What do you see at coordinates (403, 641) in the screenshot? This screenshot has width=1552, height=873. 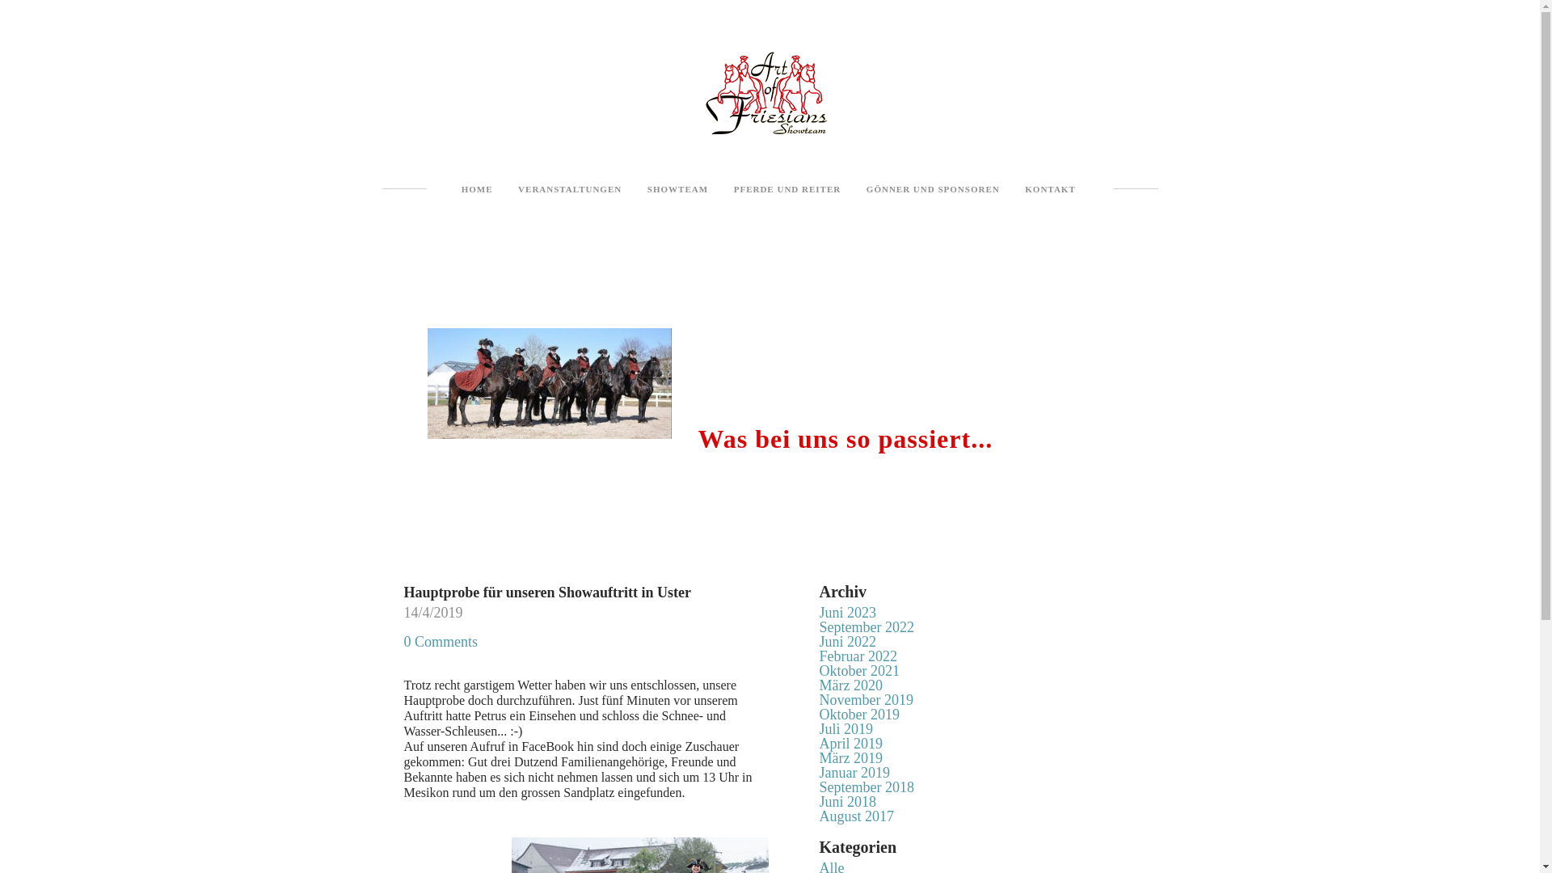 I see `'0 Comments'` at bounding box center [403, 641].